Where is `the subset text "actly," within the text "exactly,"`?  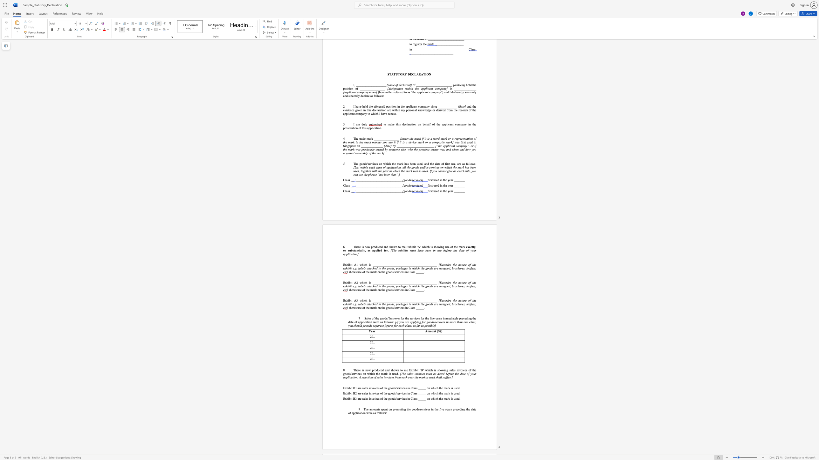
the subset text "actly," within the text "exactly," is located at coordinates (469, 246).